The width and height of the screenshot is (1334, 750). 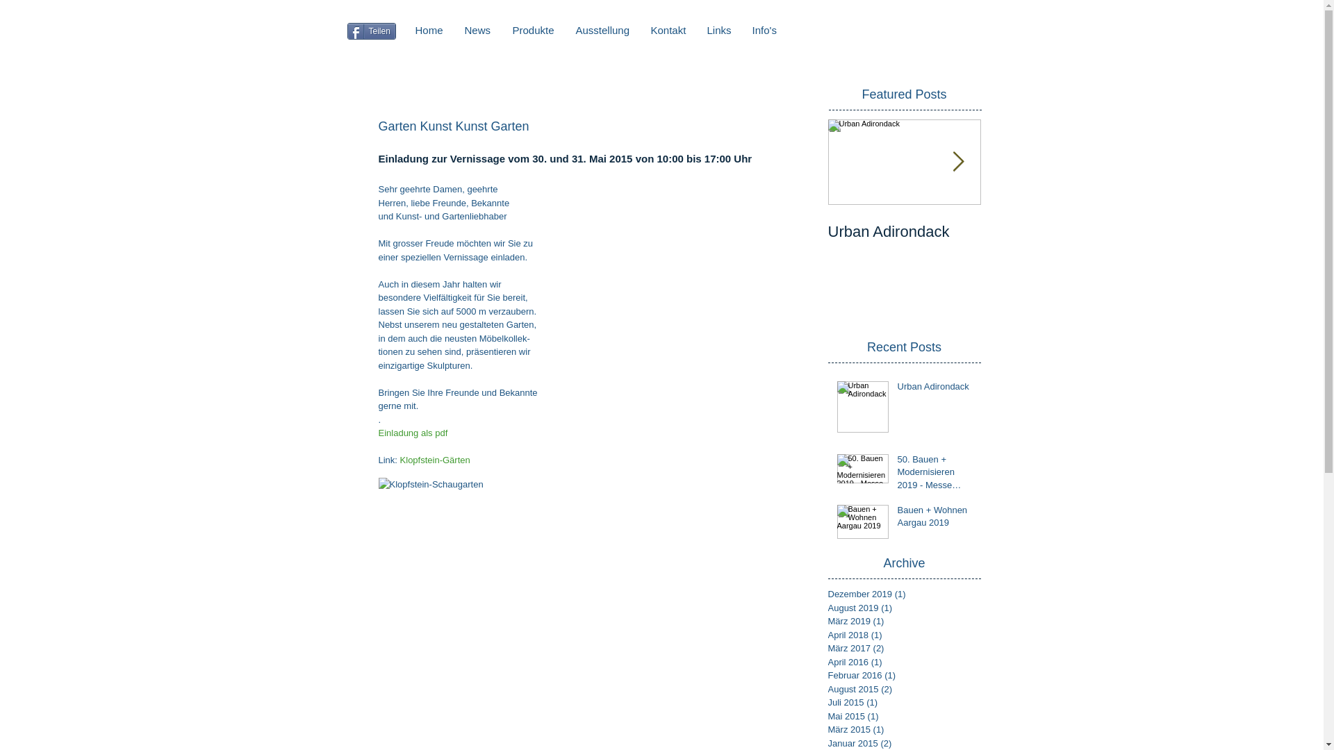 What do you see at coordinates (639, 29) in the screenshot?
I see `'Kontakt'` at bounding box center [639, 29].